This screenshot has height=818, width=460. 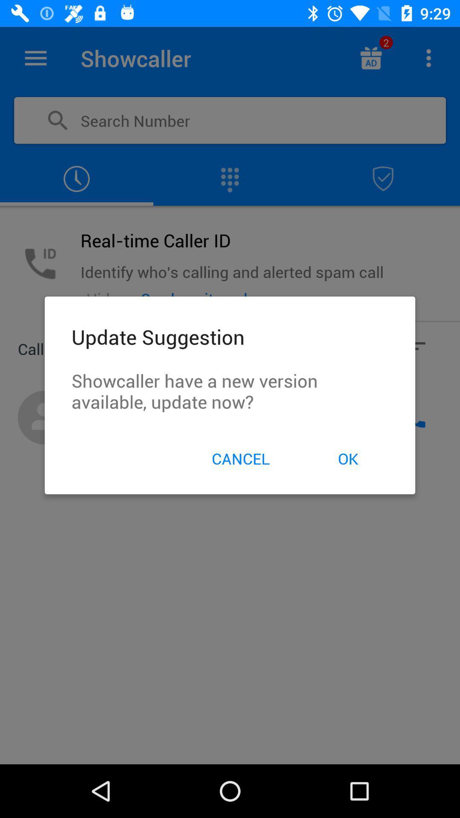 I want to click on the ok item, so click(x=348, y=458).